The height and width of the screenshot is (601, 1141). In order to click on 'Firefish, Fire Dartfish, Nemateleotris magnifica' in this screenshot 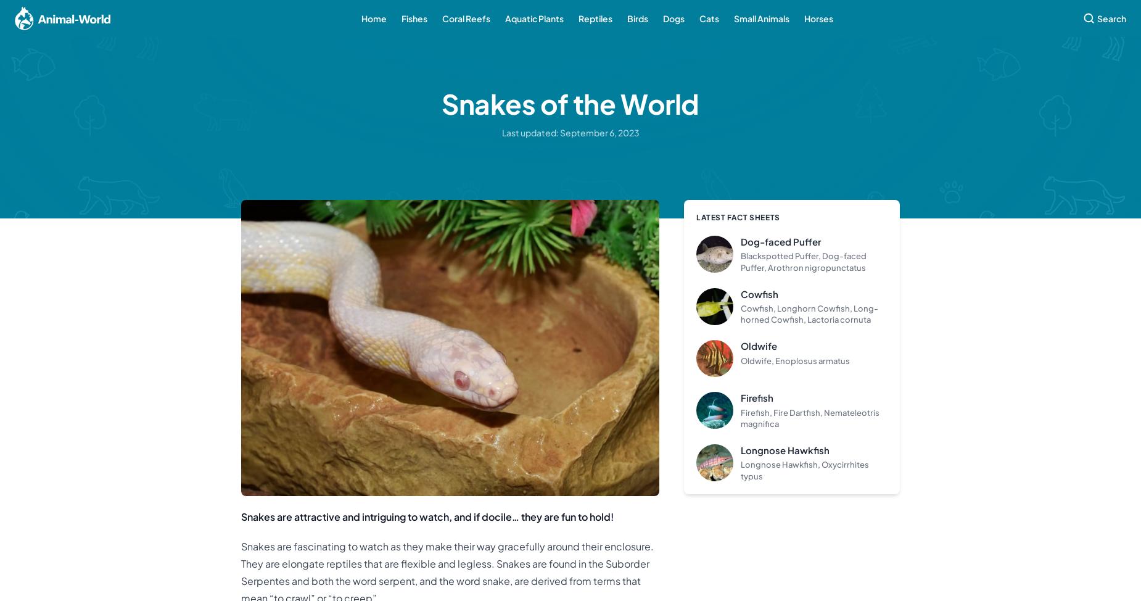, I will do `click(740, 418)`.